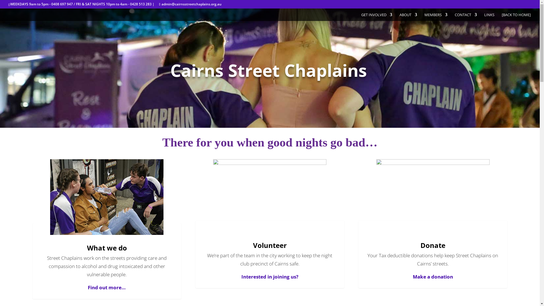  I want to click on 'Make a donation', so click(432, 276).